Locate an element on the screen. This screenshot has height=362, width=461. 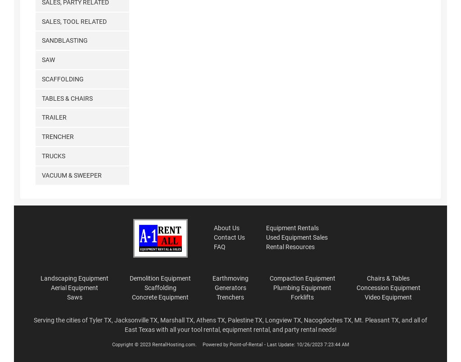
'Powered by Point-of-Rental - Last Update: 10/26/2023 7:23:44 AM' is located at coordinates (275, 344).